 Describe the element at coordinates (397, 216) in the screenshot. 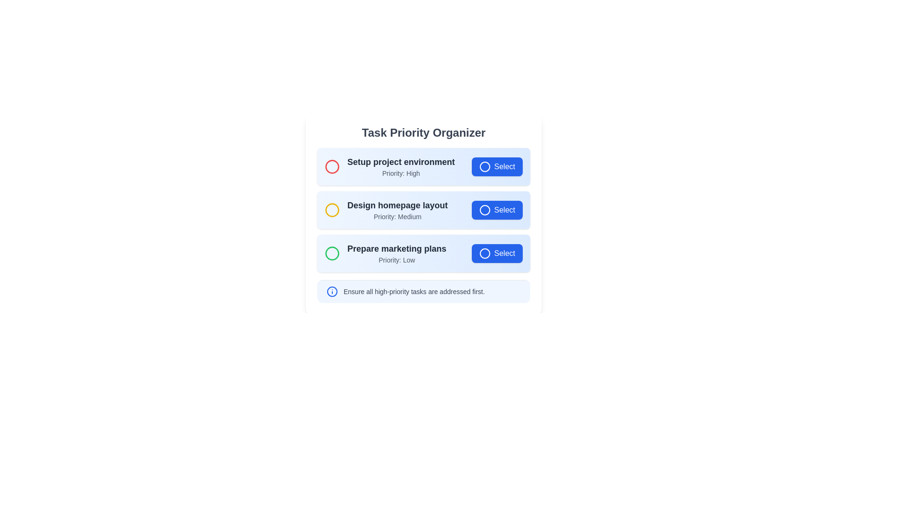

I see `the text label displaying 'Priority: Medium', which is styled in gray and positioned beneath the 'Design homepage layout' text` at that location.